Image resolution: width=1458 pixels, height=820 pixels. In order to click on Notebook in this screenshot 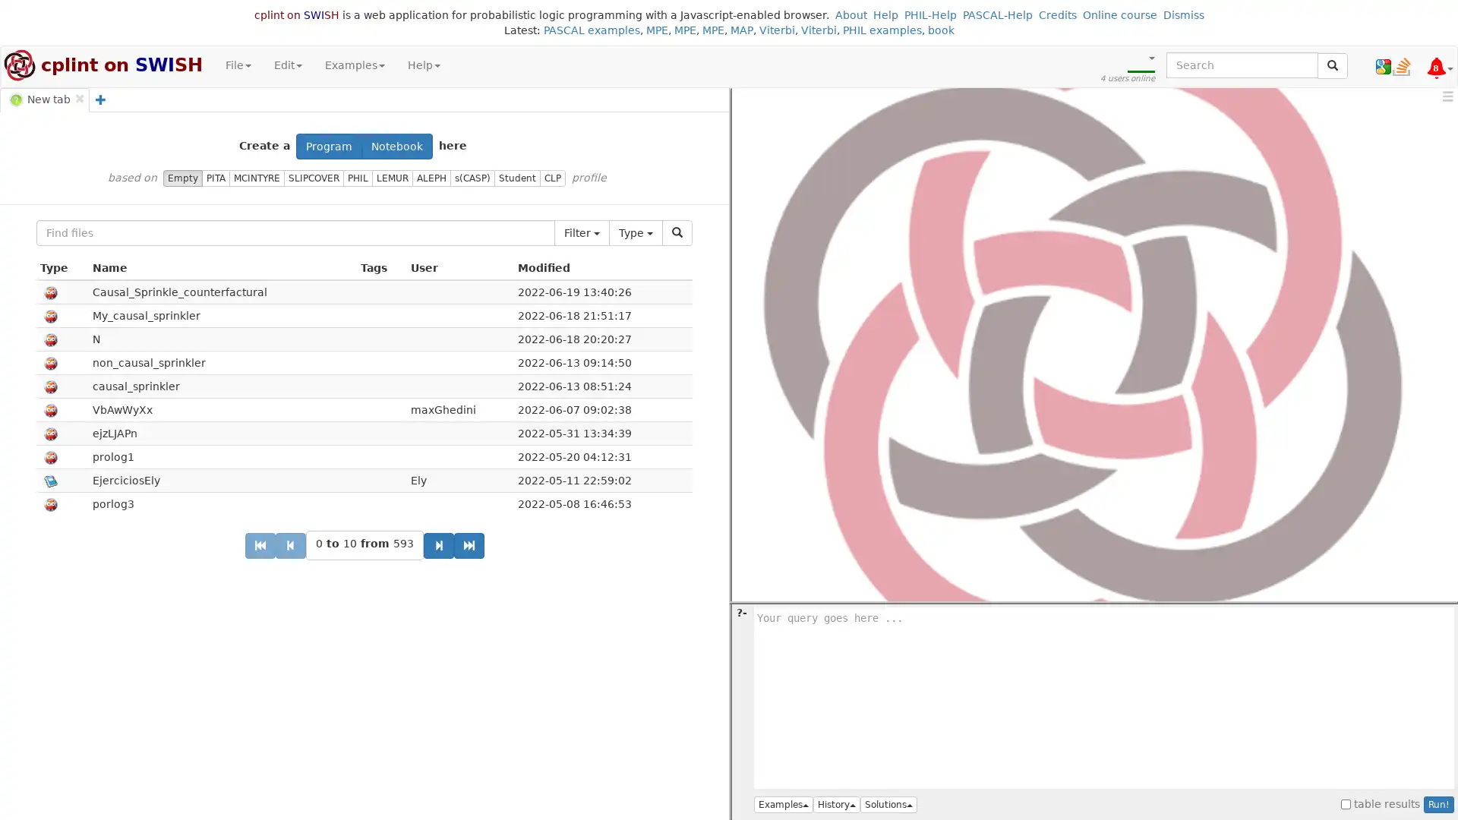, I will do `click(397, 146)`.